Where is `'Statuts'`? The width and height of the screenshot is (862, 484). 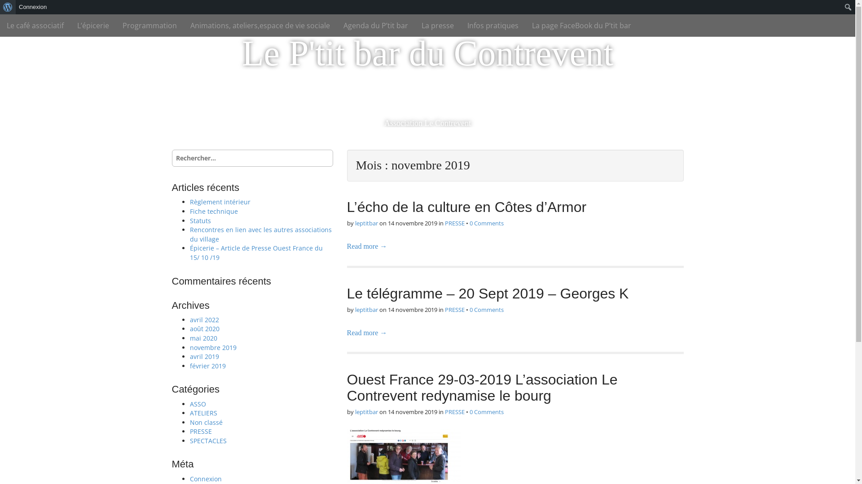
'Statuts' is located at coordinates (199, 220).